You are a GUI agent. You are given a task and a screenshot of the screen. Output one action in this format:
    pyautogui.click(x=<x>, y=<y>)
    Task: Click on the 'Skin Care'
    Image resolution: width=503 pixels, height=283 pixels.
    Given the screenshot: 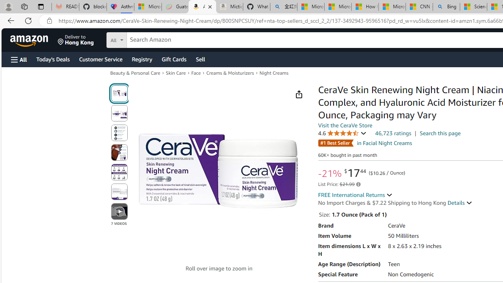 What is the action you would take?
    pyautogui.click(x=175, y=73)
    